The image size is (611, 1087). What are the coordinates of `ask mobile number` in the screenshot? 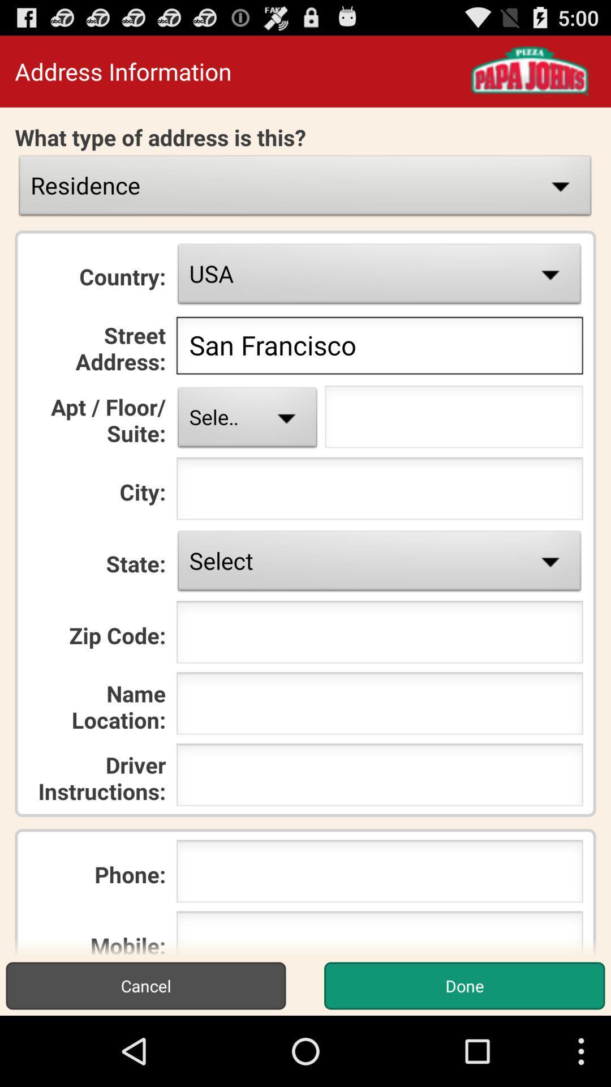 It's located at (380, 933).